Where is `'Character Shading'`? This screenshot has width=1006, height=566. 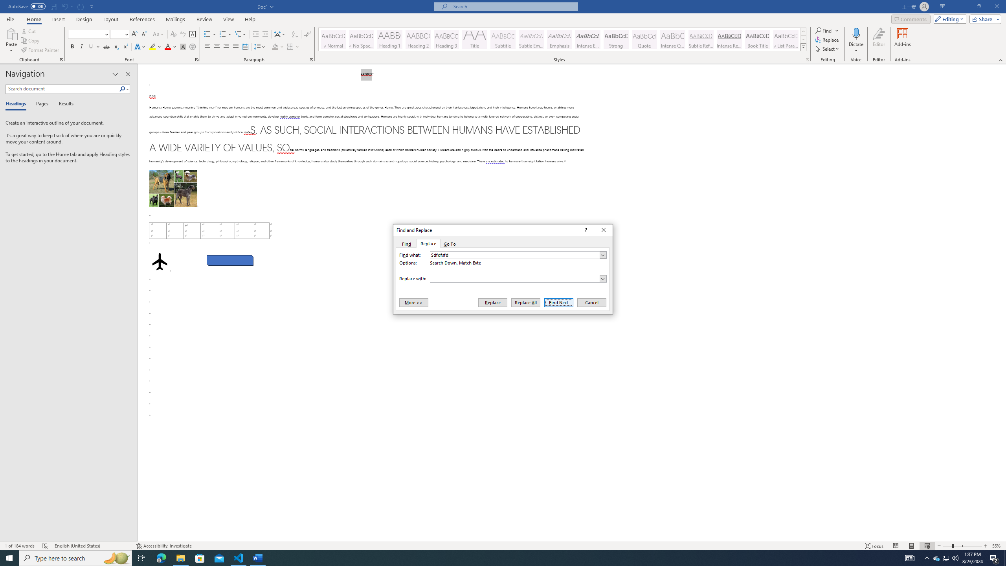 'Character Shading' is located at coordinates (182, 46).